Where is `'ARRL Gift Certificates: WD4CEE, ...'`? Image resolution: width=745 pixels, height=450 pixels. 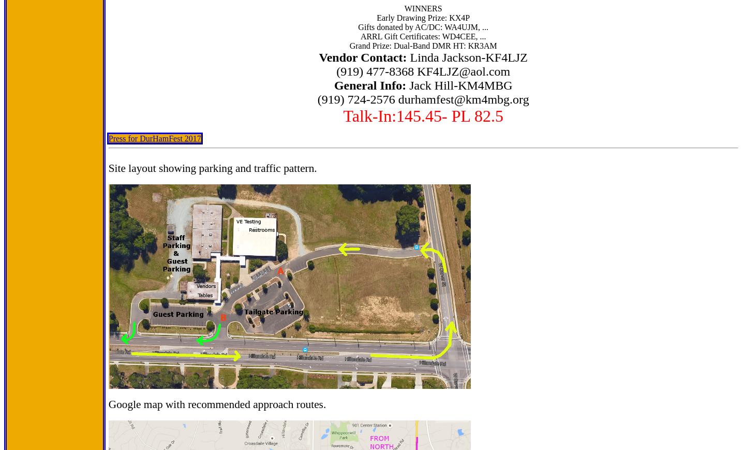 'ARRL Gift Certificates: WD4CEE, ...' is located at coordinates (423, 36).